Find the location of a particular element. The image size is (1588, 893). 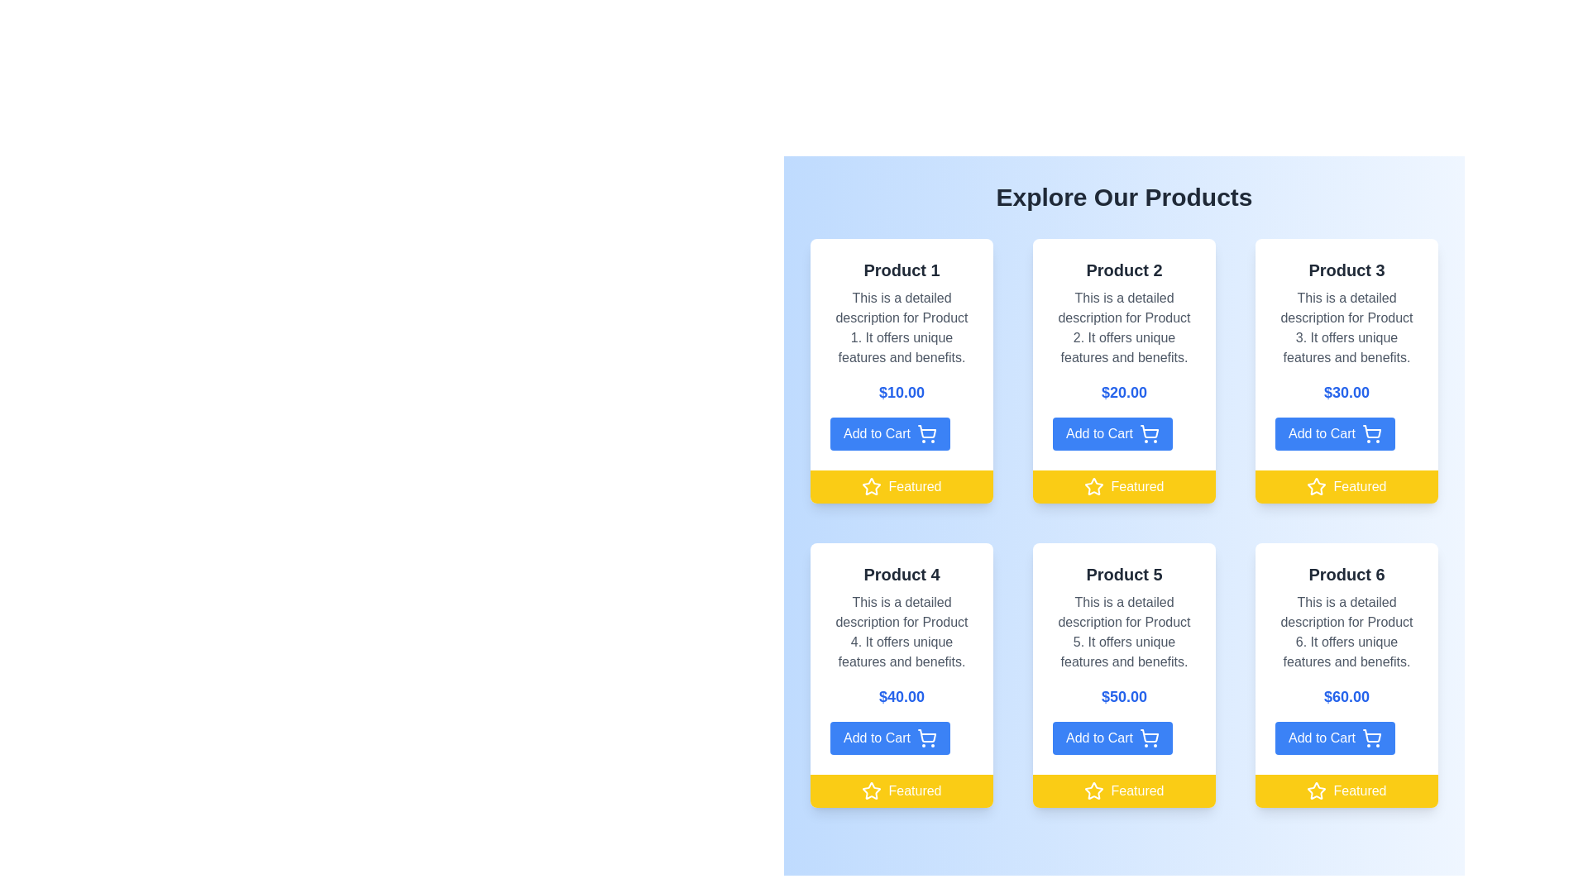

the 'Featured' text label located in the yellow bar at the bottom of the Product 4 card, which is immediately to the right of the star icon is located at coordinates (914, 790).